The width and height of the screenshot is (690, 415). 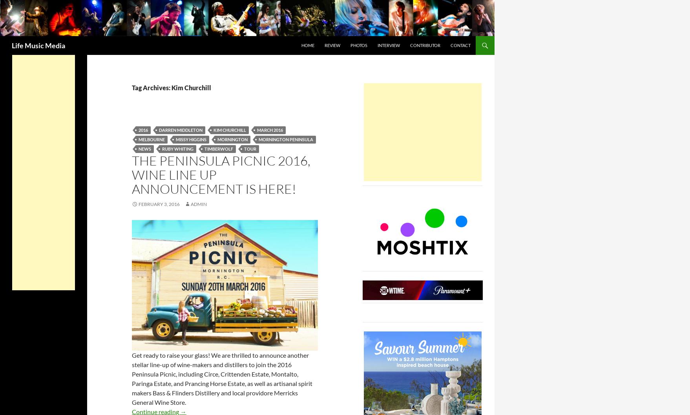 What do you see at coordinates (359, 44) in the screenshot?
I see `'Photos'` at bounding box center [359, 44].